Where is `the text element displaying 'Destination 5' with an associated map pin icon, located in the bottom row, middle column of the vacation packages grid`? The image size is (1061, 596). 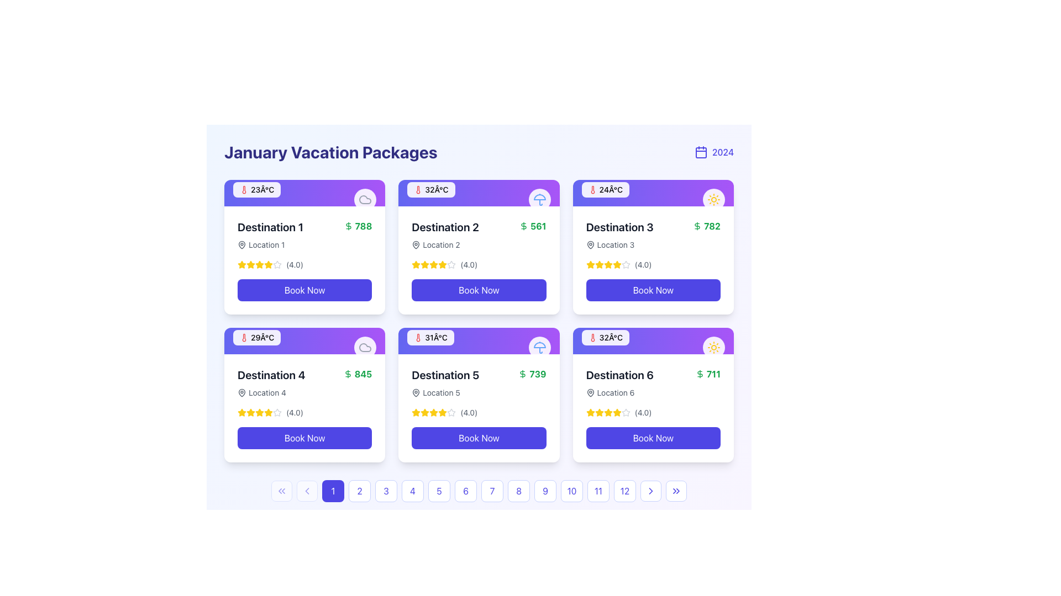 the text element displaying 'Destination 5' with an associated map pin icon, located in the bottom row, middle column of the vacation packages grid is located at coordinates (445, 382).